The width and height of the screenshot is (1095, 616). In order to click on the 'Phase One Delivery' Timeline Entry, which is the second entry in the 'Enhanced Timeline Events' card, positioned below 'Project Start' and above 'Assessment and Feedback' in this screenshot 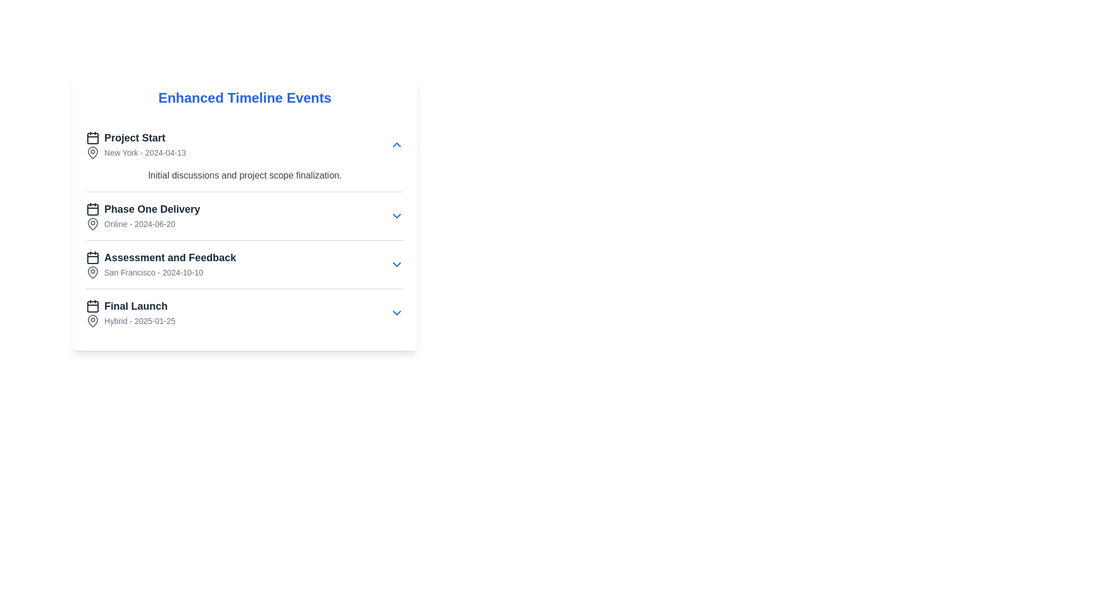, I will do `click(244, 216)`.